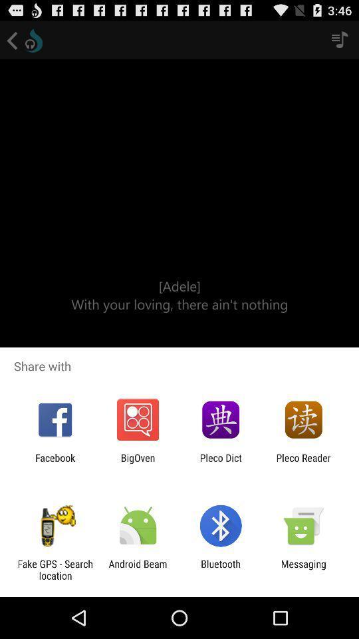 Image resolution: width=359 pixels, height=639 pixels. What do you see at coordinates (137, 463) in the screenshot?
I see `the item to the right of the facebook app` at bounding box center [137, 463].